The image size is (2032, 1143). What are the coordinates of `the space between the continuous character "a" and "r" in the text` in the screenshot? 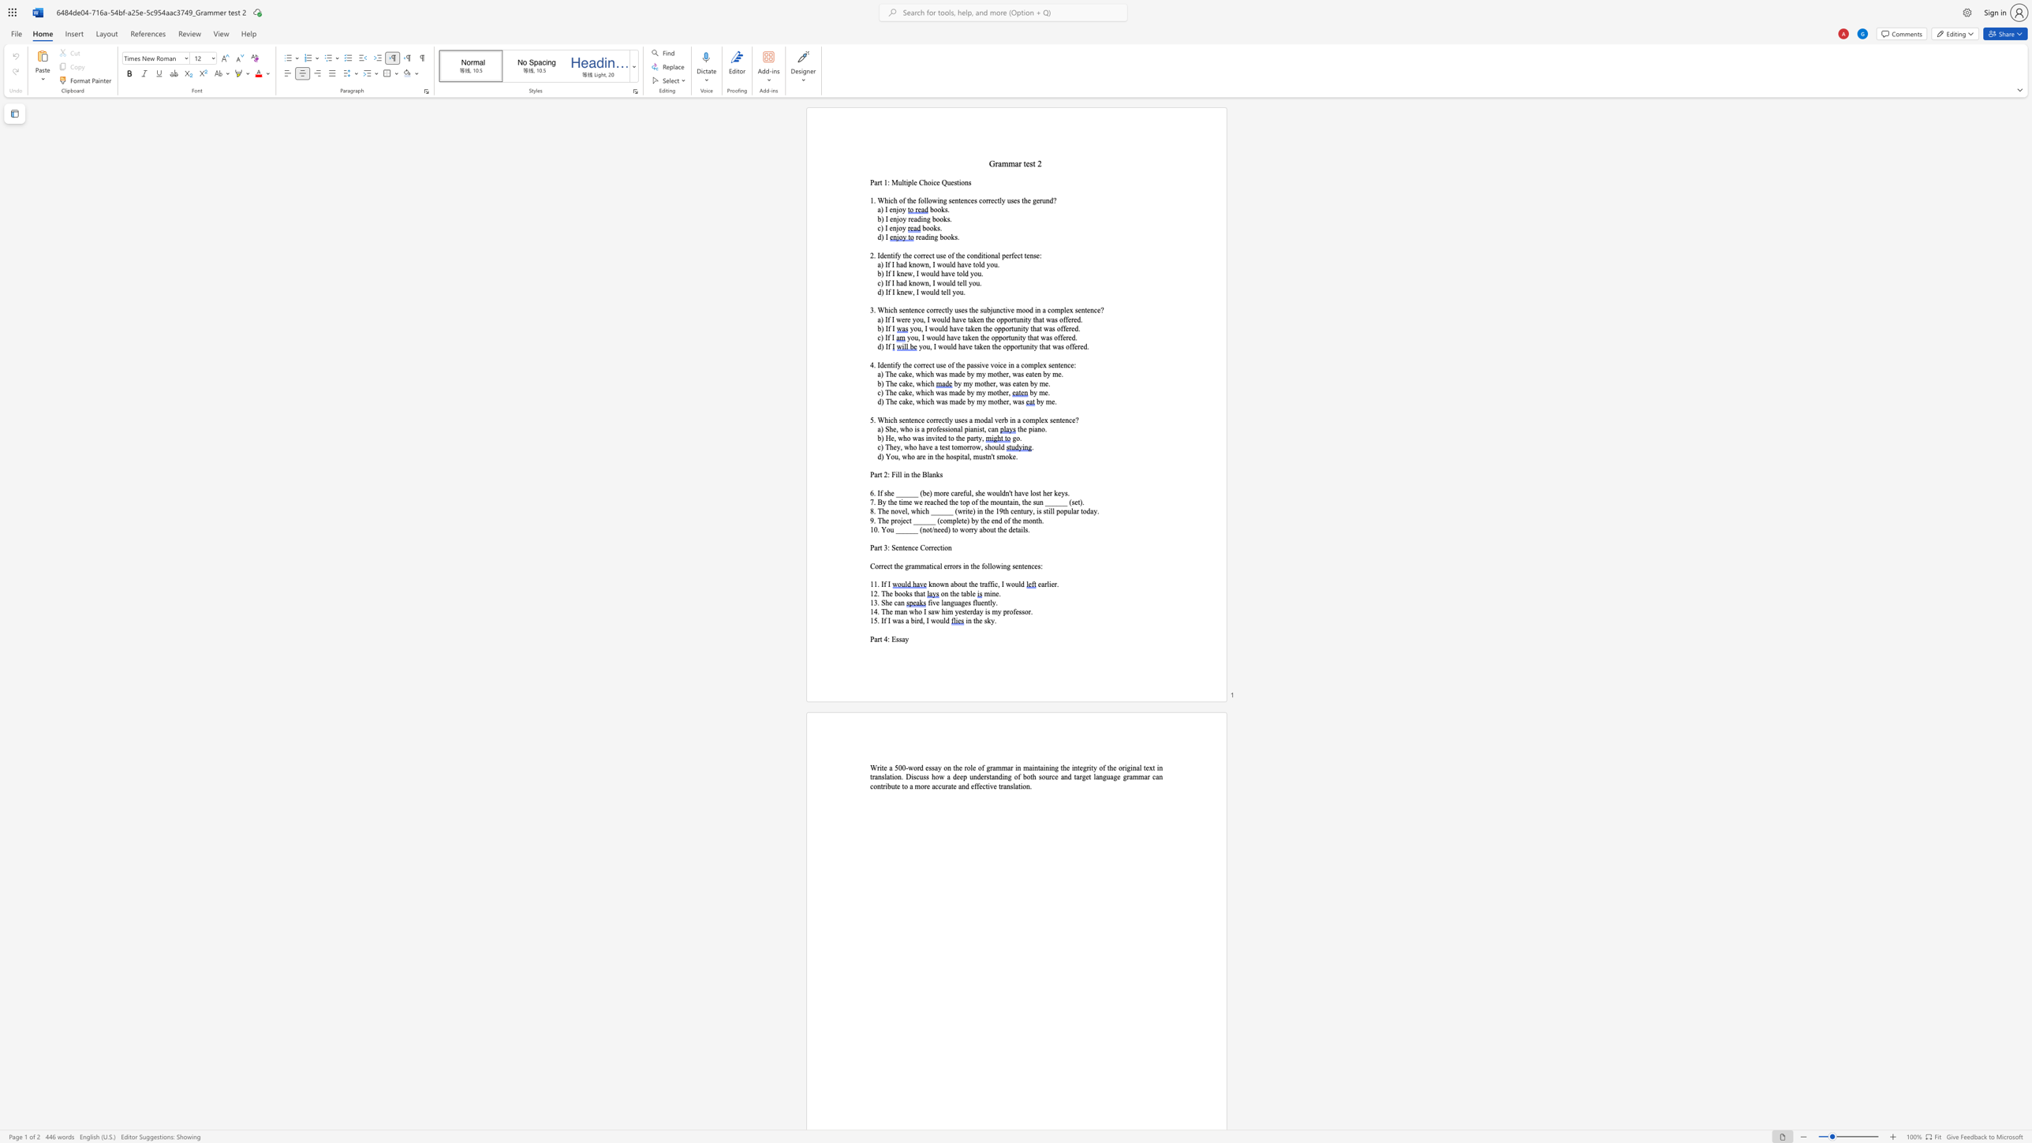 It's located at (1018, 163).